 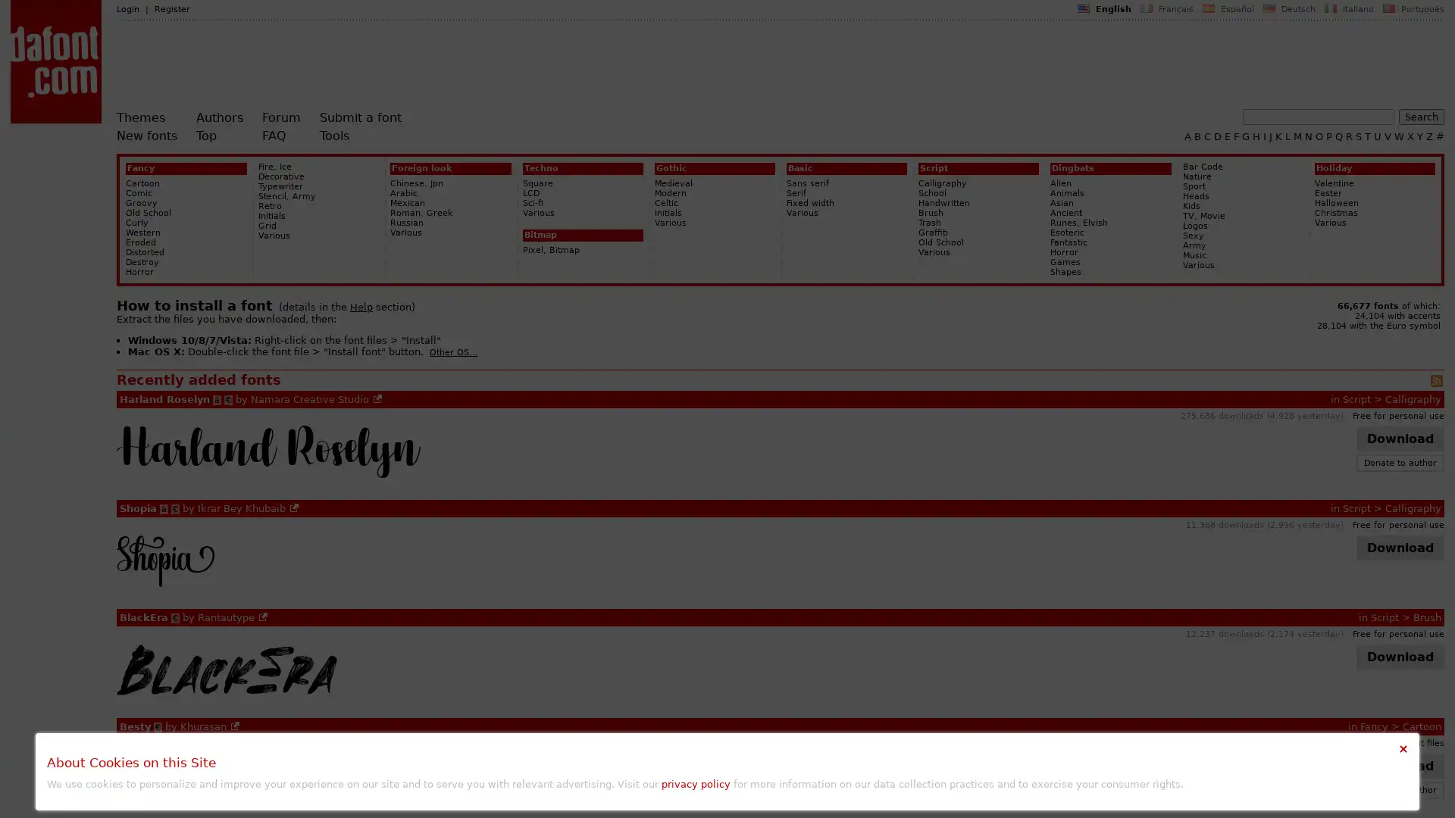 I want to click on Search, so click(x=1421, y=116).